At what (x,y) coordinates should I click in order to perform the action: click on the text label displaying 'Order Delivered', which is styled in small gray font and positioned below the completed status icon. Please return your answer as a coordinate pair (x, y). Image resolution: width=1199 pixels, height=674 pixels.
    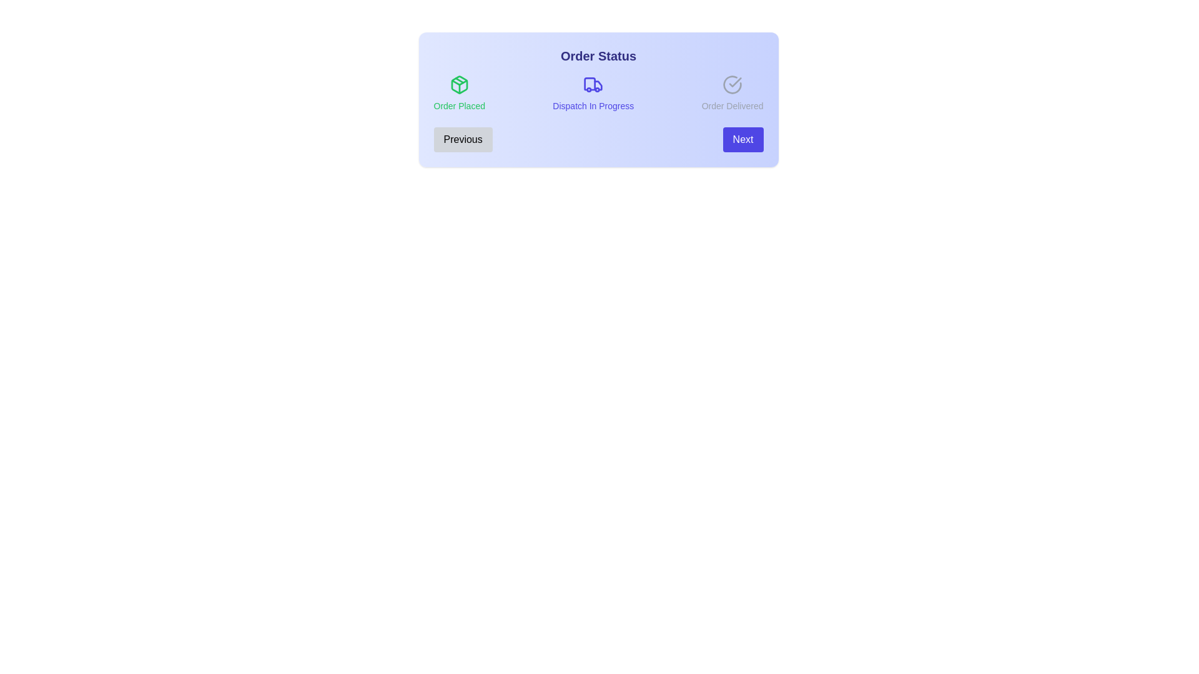
    Looking at the image, I should click on (733, 105).